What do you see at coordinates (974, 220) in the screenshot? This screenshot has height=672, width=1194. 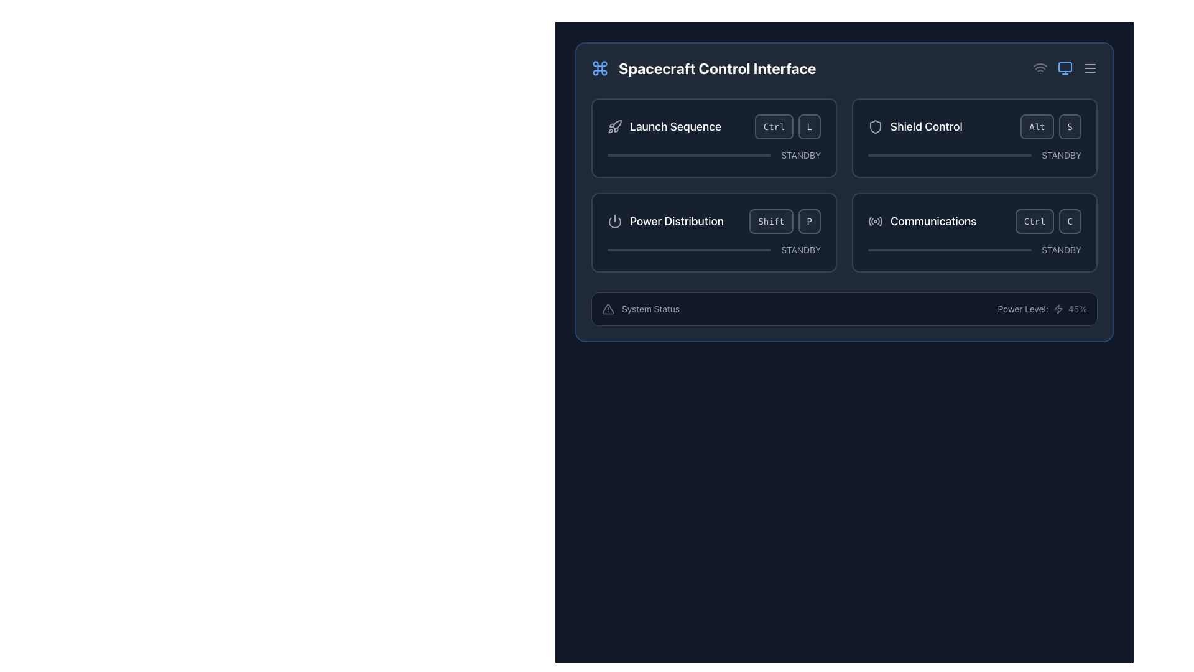 I see `the 'Communications' labeled interactive control group, which features an icon resembling signal waves, text, and buttons for 'Ctrl' and 'C.'` at bounding box center [974, 220].